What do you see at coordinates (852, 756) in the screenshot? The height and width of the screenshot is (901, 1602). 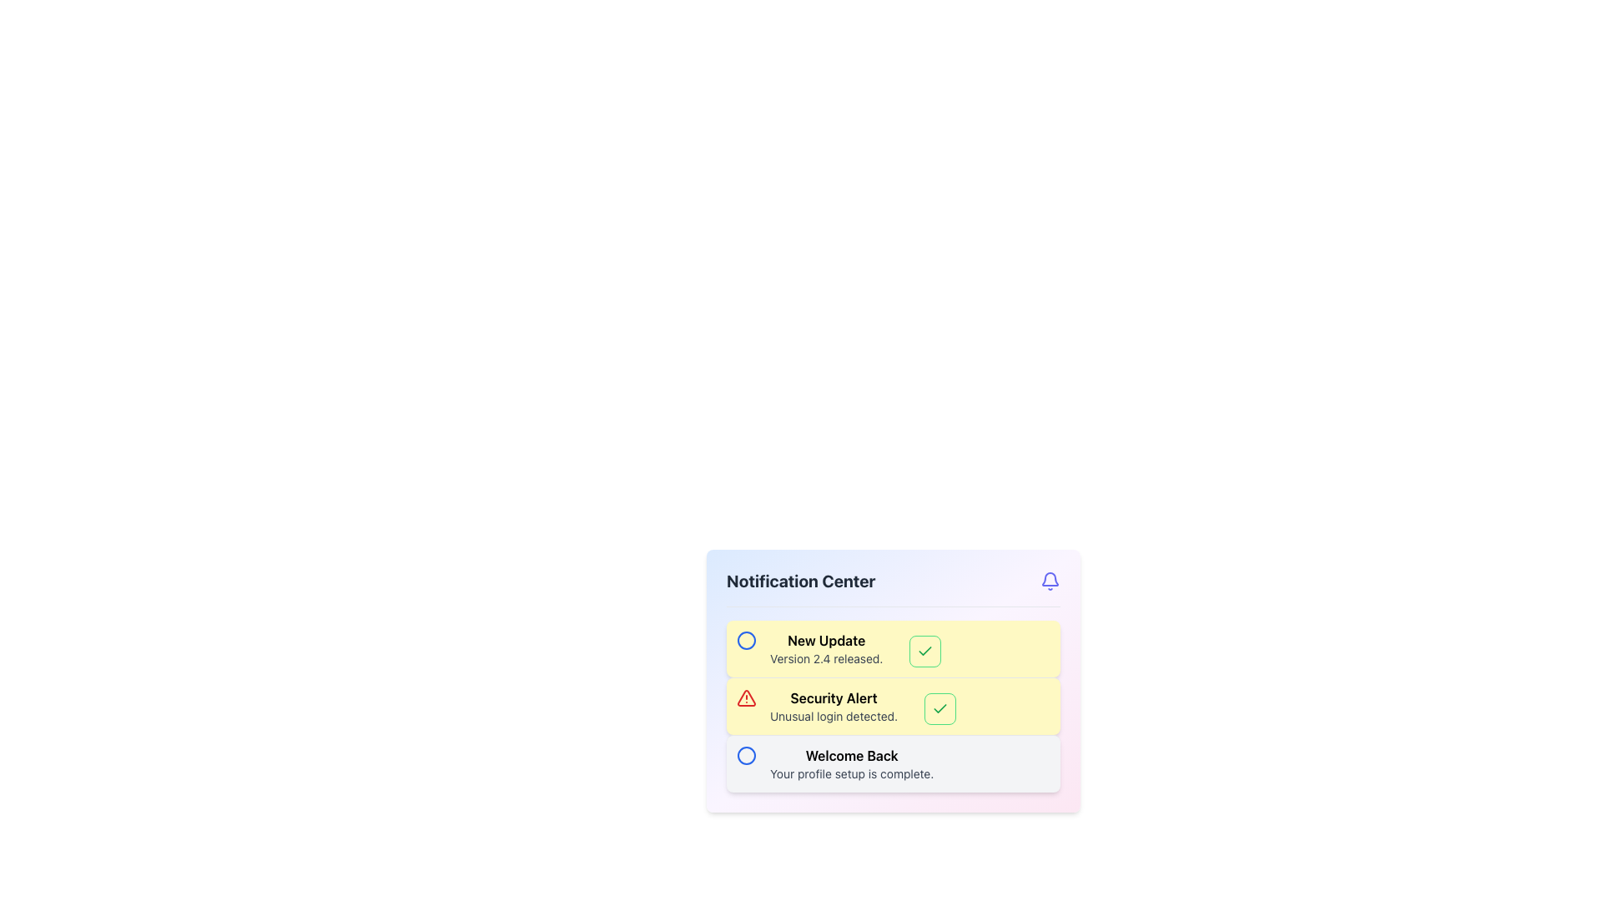 I see `the content of the welcome message Text Label located at the bottom of the notification card, which indicates that 'Your profile setup is complete.'` at bounding box center [852, 756].